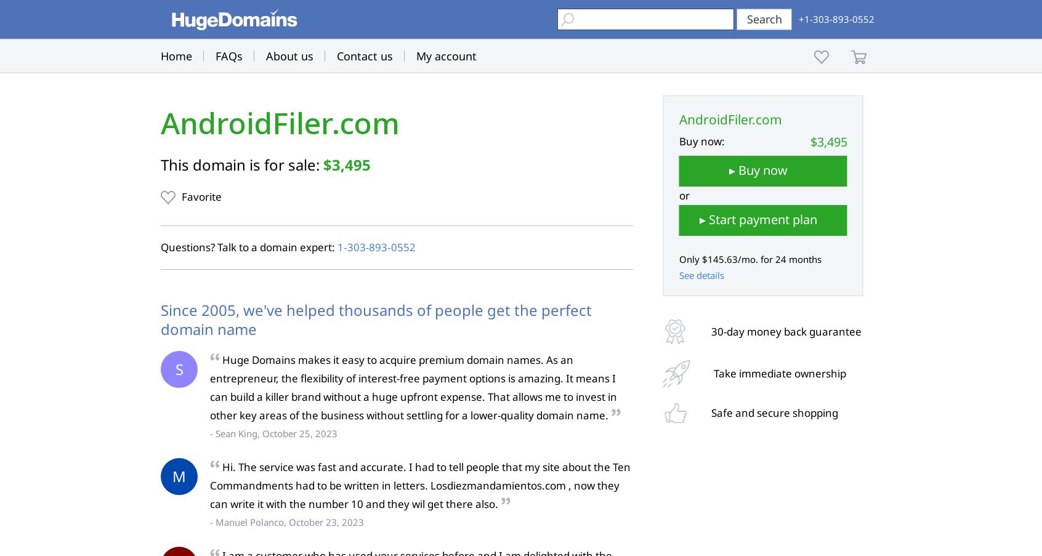 This screenshot has width=1042, height=556. What do you see at coordinates (416, 56) in the screenshot?
I see `'My account'` at bounding box center [416, 56].